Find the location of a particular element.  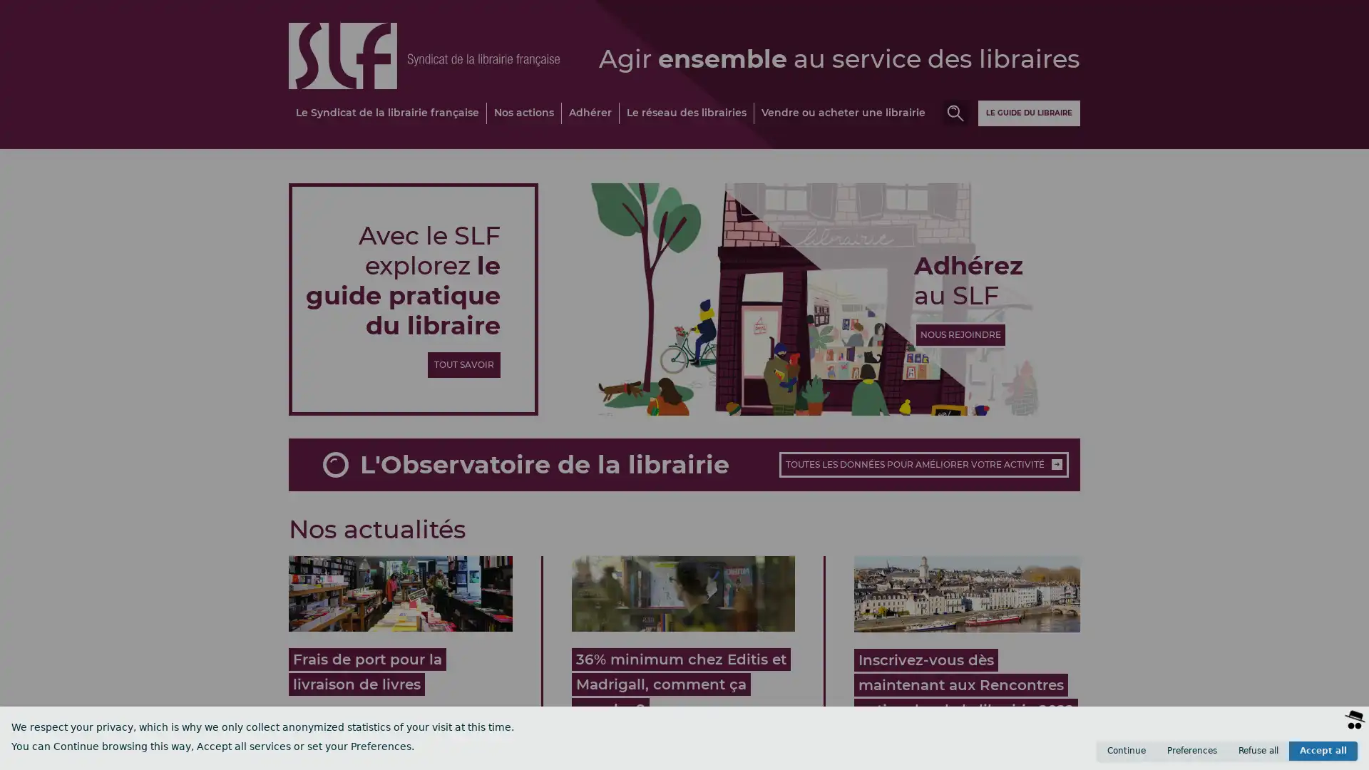

Refuse all is located at coordinates (1258, 750).